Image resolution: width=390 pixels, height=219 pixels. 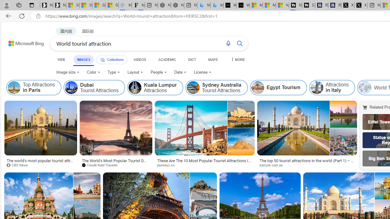 I want to click on 'License', so click(x=203, y=72).